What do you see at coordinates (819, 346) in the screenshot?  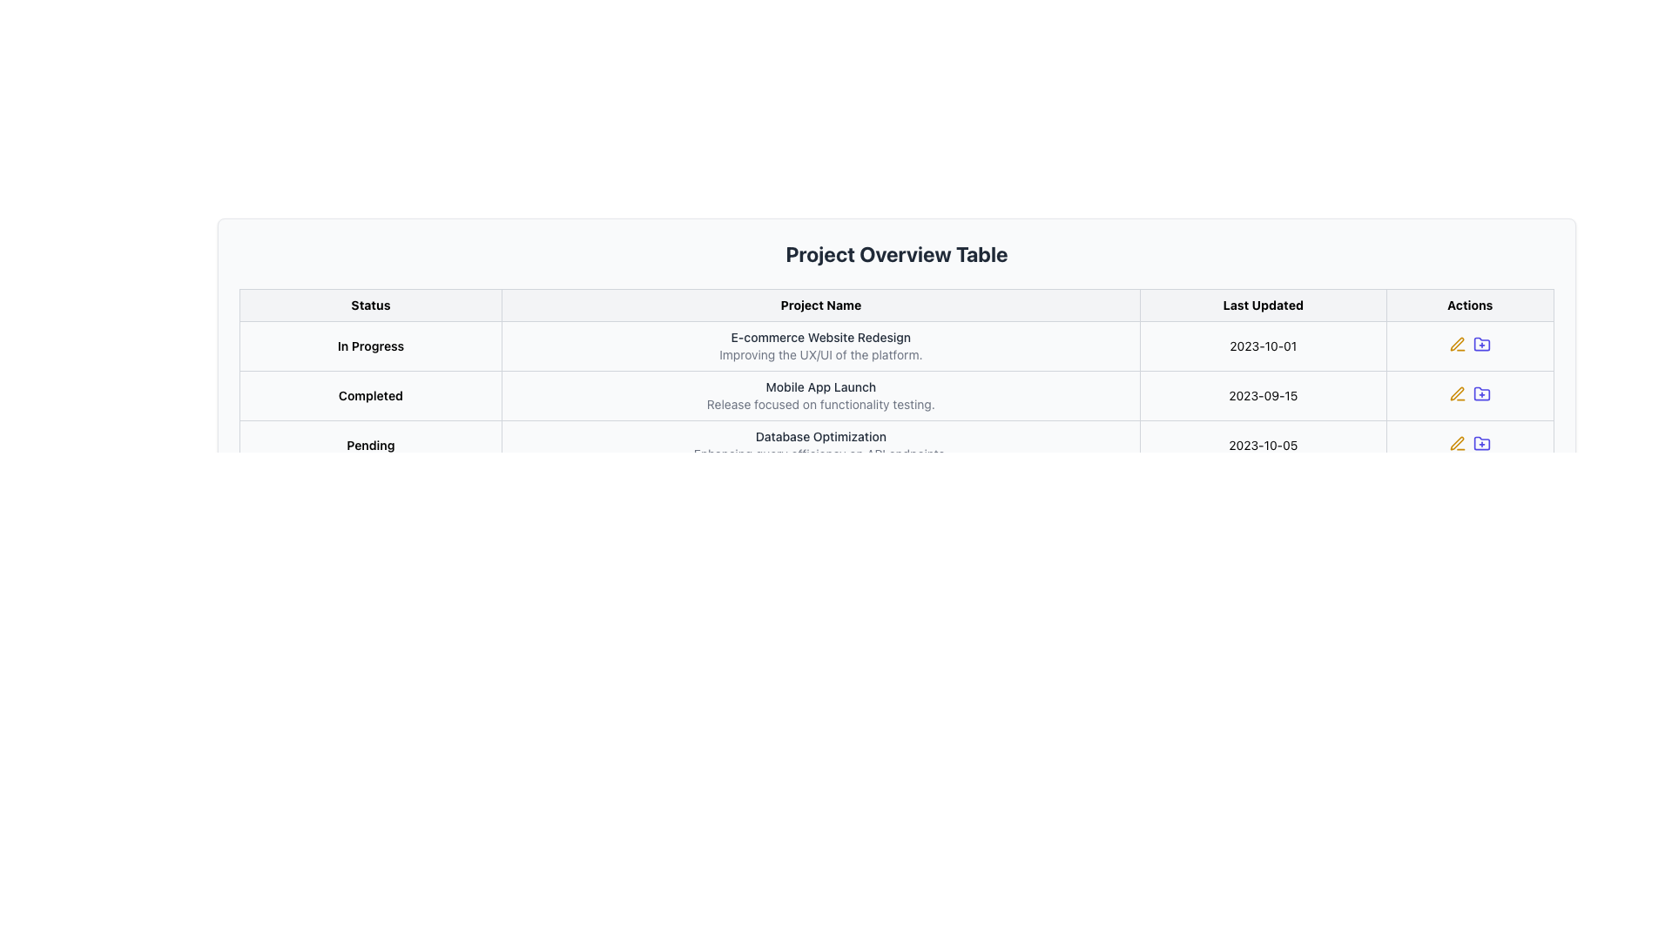 I see `text content of the 'E-commerce Website Redesign' title and its subtitle 'Improving the UX/UI of the platform.' from the Text Display Element in the 'Project Name' column under the 'In Progress' row` at bounding box center [819, 346].